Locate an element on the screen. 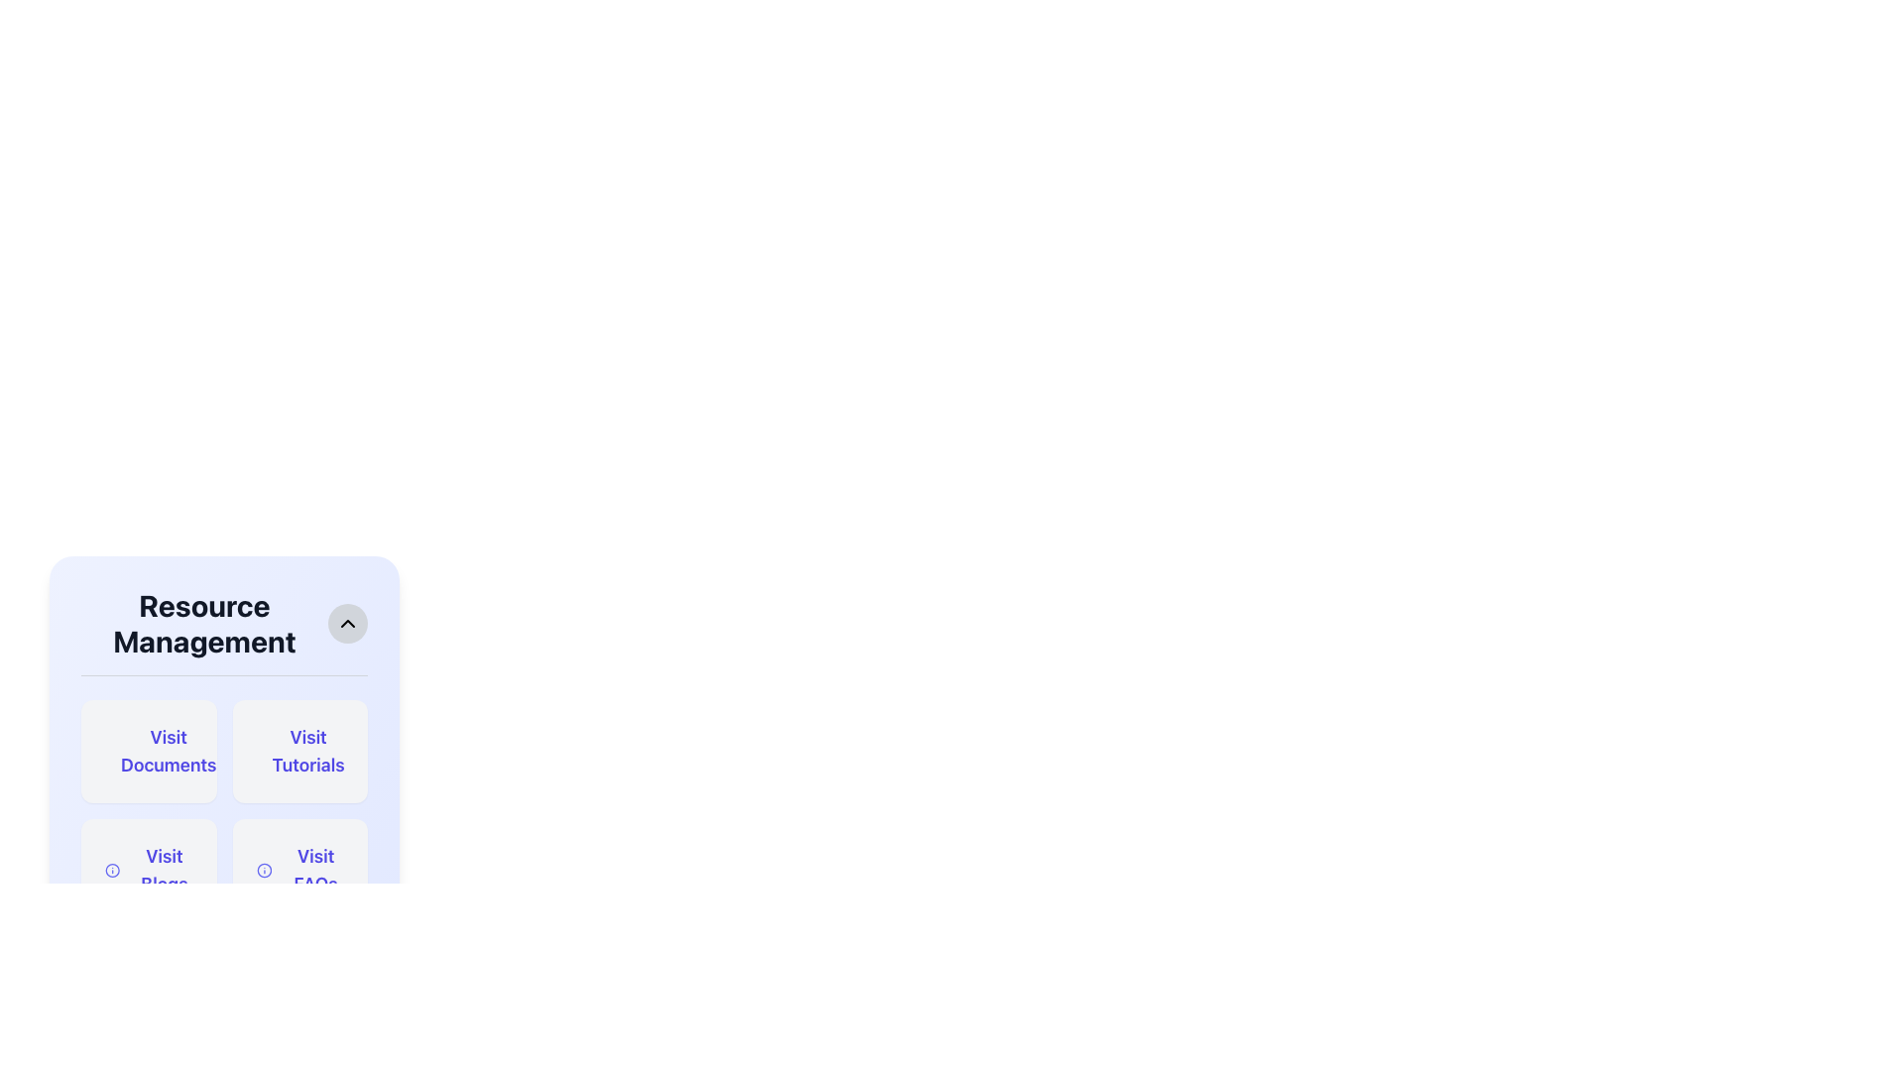  the 'Visit Blogs' button-like link, which is a bold, blue text link located in the lower left grid cell of the 'Resource Management' section is located at coordinates (164, 870).